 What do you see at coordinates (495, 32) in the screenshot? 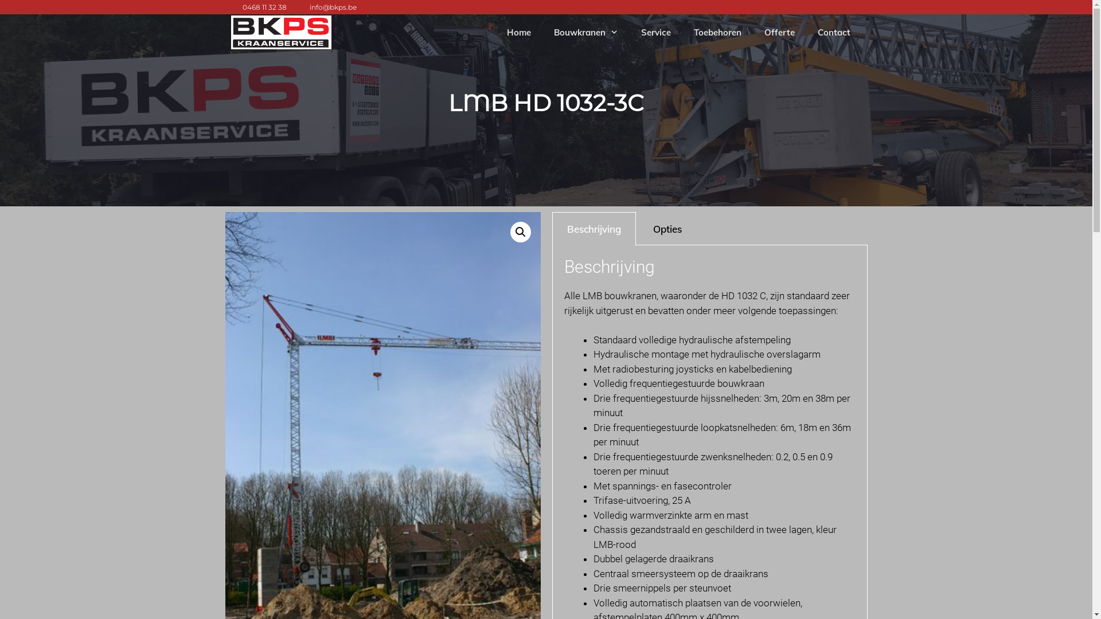
I see `'Home'` at bounding box center [495, 32].